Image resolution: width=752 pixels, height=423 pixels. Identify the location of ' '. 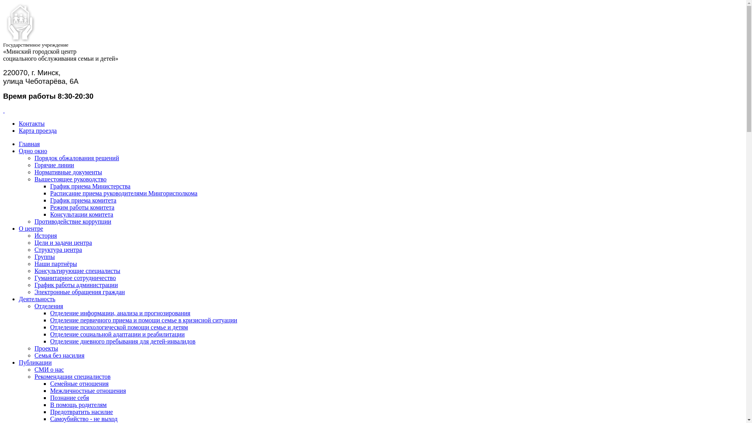
(4, 110).